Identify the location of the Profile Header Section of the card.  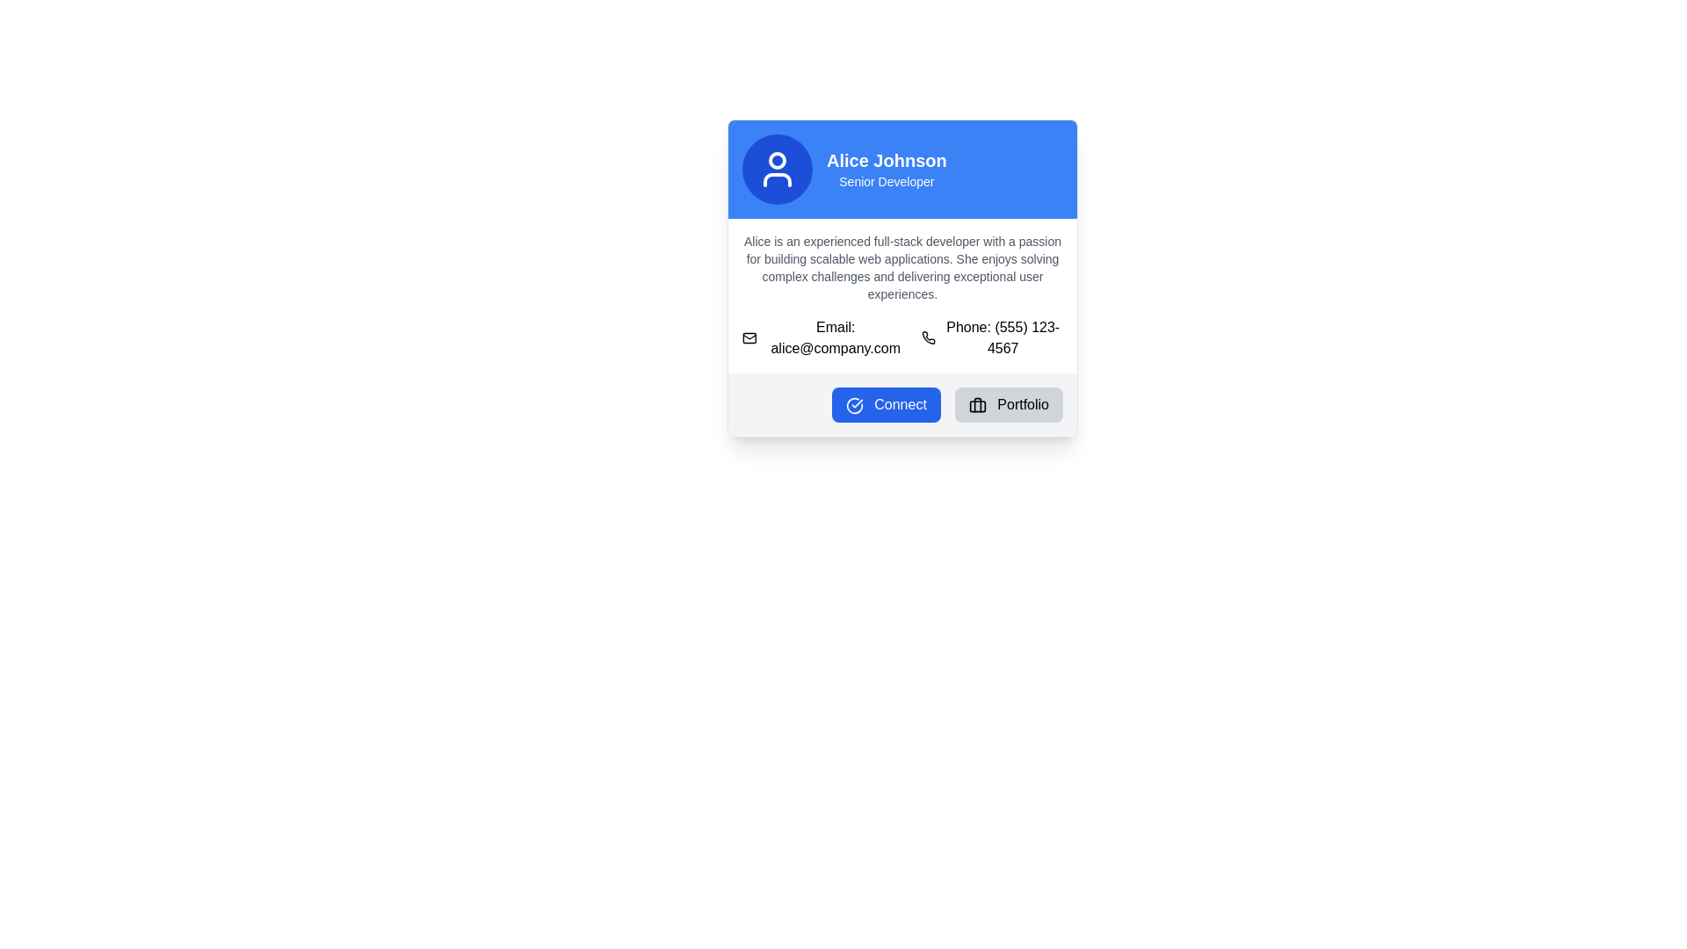
(902, 169).